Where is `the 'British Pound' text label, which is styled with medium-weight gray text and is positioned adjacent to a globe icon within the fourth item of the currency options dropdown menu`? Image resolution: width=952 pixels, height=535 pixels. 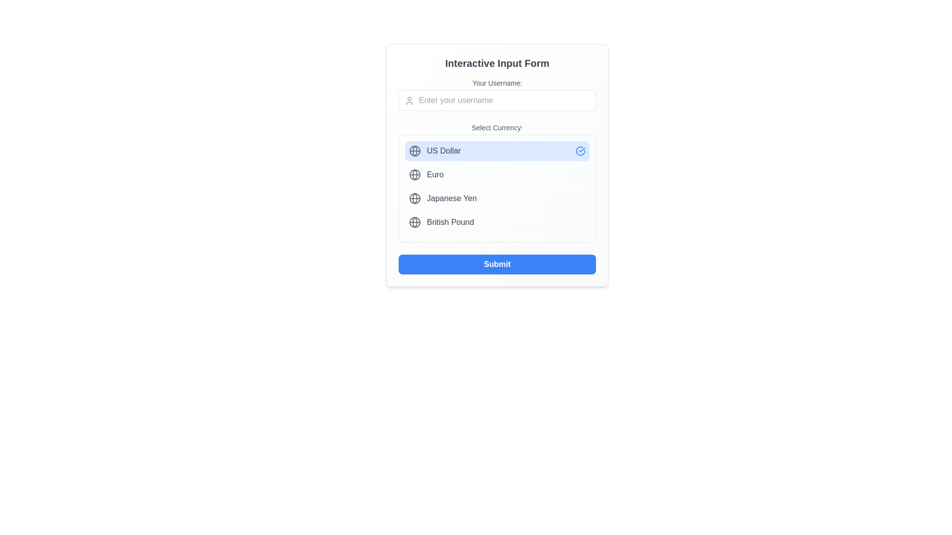
the 'British Pound' text label, which is styled with medium-weight gray text and is positioned adjacent to a globe icon within the fourth item of the currency options dropdown menu is located at coordinates (450, 221).